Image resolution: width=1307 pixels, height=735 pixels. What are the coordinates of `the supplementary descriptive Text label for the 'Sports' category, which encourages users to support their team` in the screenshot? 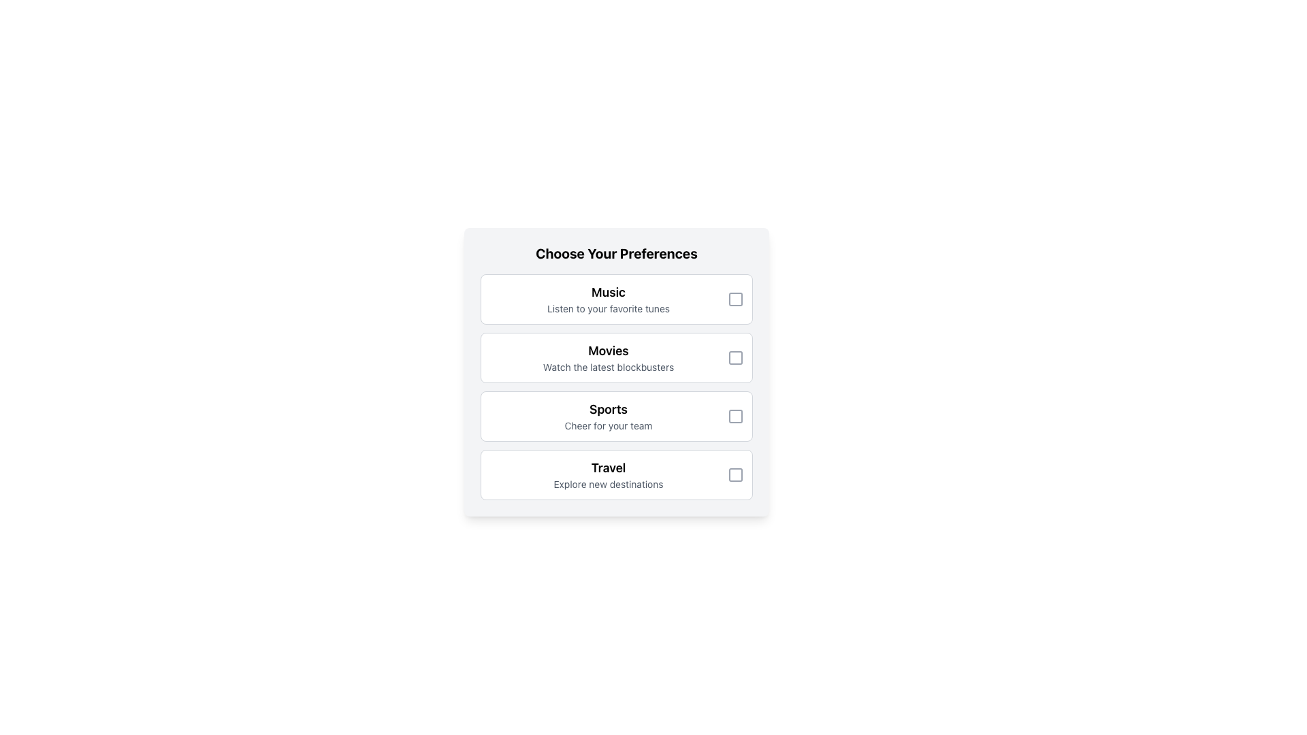 It's located at (607, 425).